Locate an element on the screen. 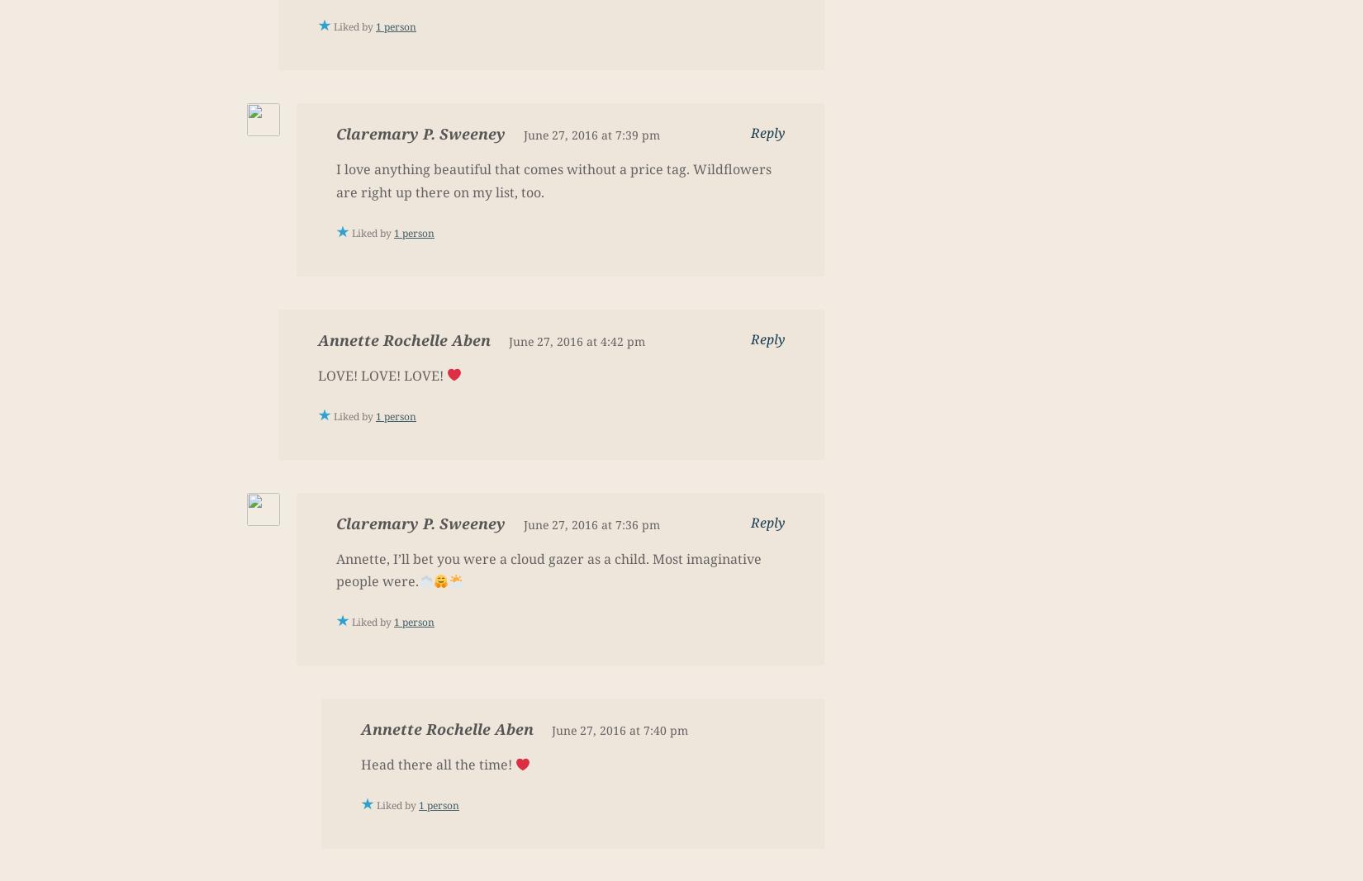 Image resolution: width=1363 pixels, height=881 pixels. 'June 27, 2016 at 7:36 pm' is located at coordinates (591, 523).